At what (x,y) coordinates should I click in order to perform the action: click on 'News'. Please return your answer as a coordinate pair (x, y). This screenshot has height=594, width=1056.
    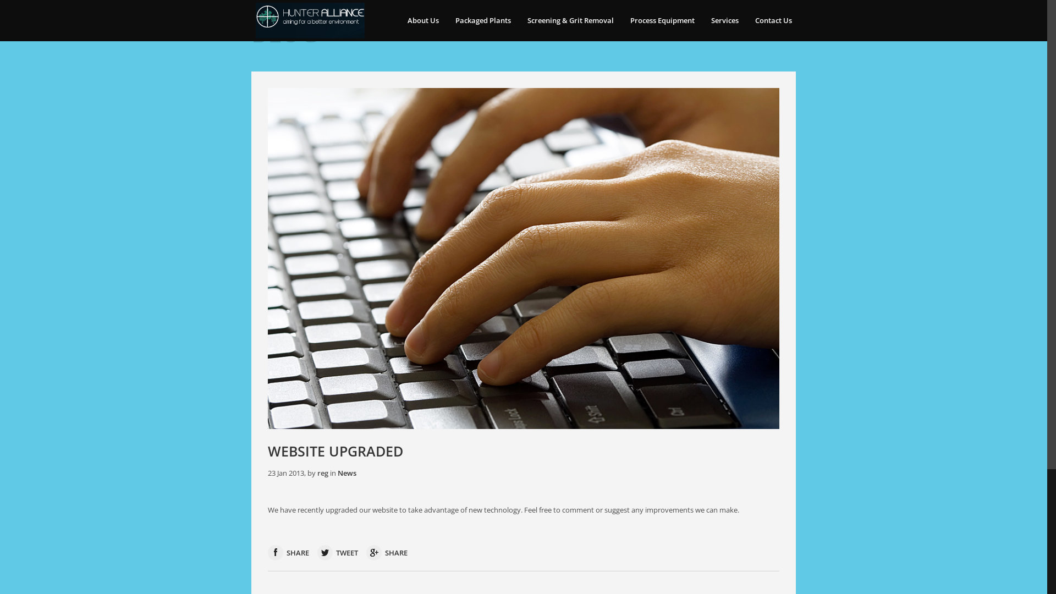
    Looking at the image, I should click on (346, 472).